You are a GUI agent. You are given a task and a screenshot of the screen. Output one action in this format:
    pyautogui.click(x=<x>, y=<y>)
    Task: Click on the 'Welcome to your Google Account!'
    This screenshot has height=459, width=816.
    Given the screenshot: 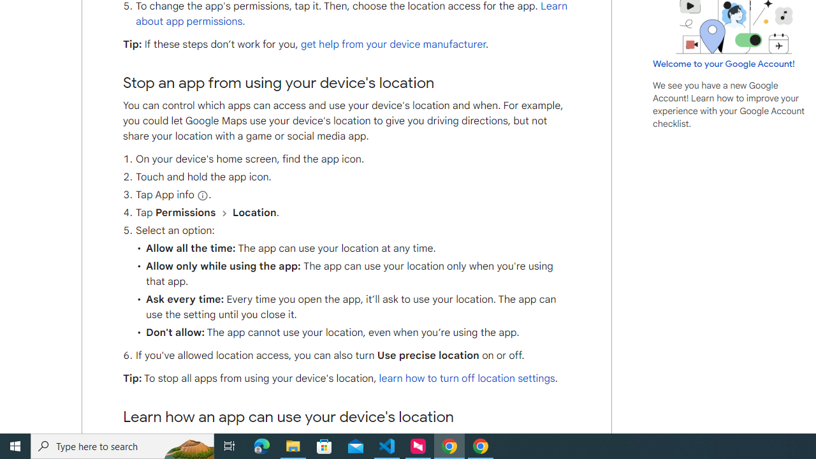 What is the action you would take?
    pyautogui.click(x=724, y=63)
    